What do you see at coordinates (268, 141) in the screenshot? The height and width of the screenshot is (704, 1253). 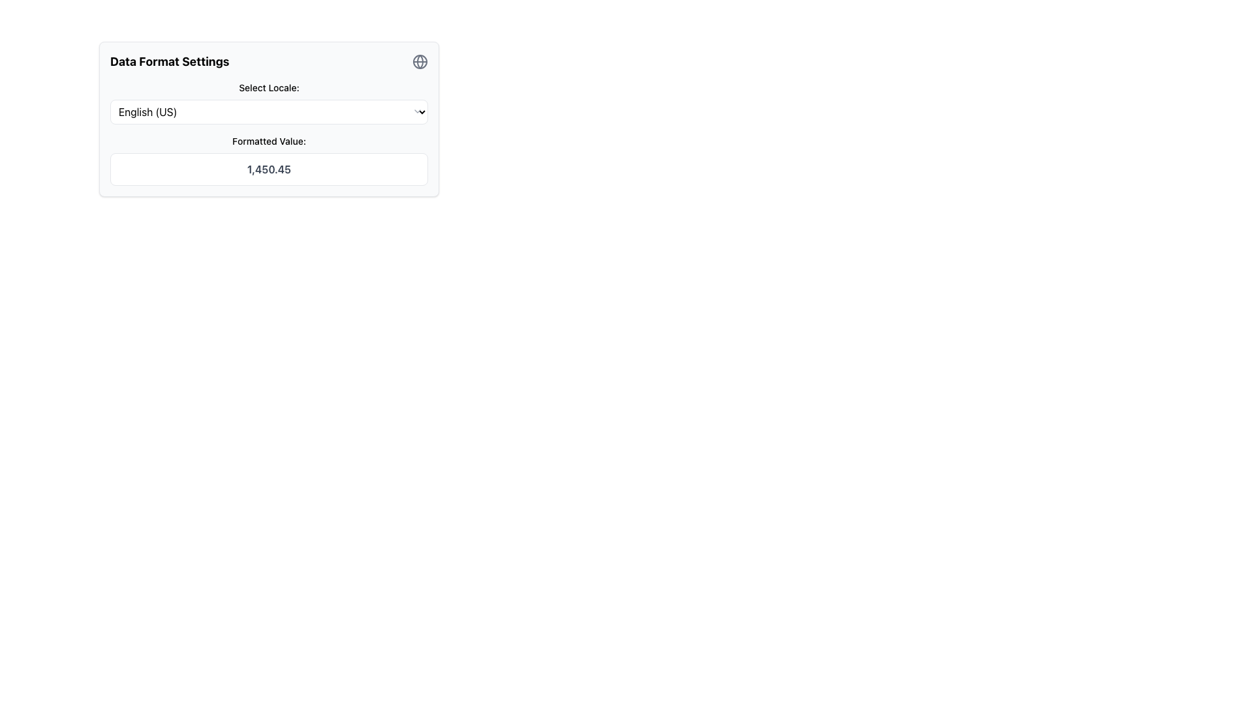 I see `the Static Label that provides context for the value '1,450.45', located below the 'Select Locale:' dropdown and above the text '1,450.45'` at bounding box center [268, 141].